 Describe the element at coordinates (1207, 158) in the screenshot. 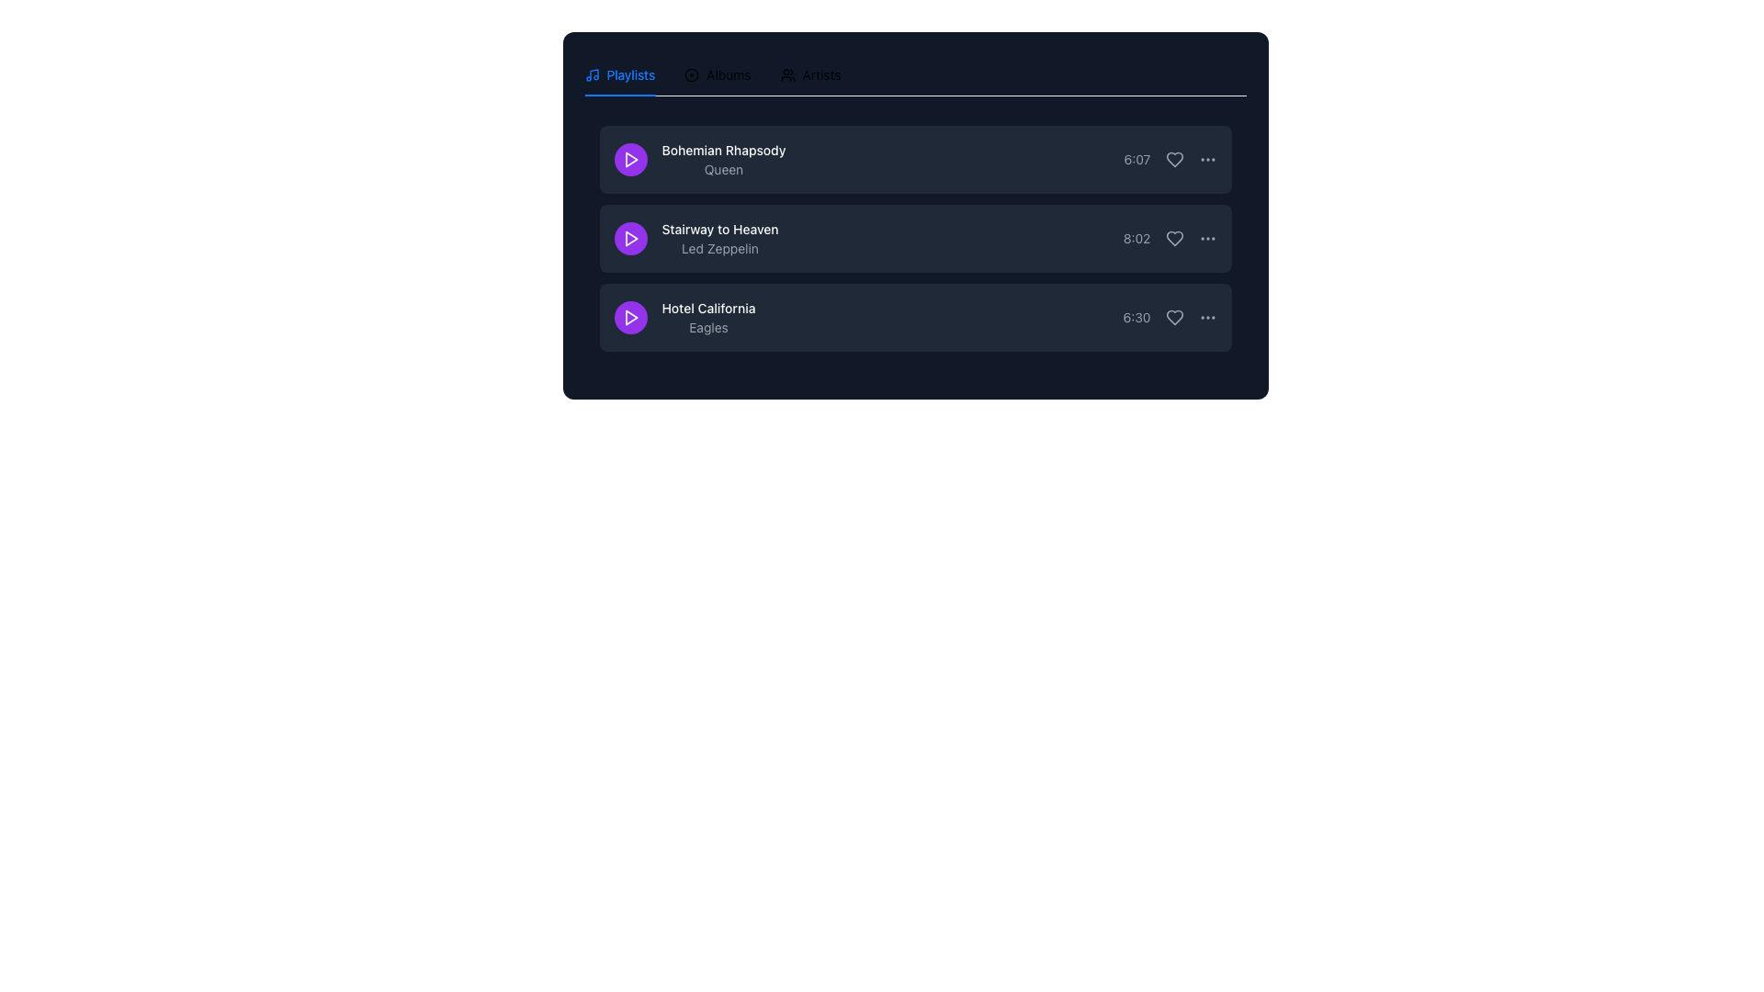

I see `the ellipsis icon button, which consists of three horizontally-aligned gray dots that turn purple on hover` at that location.